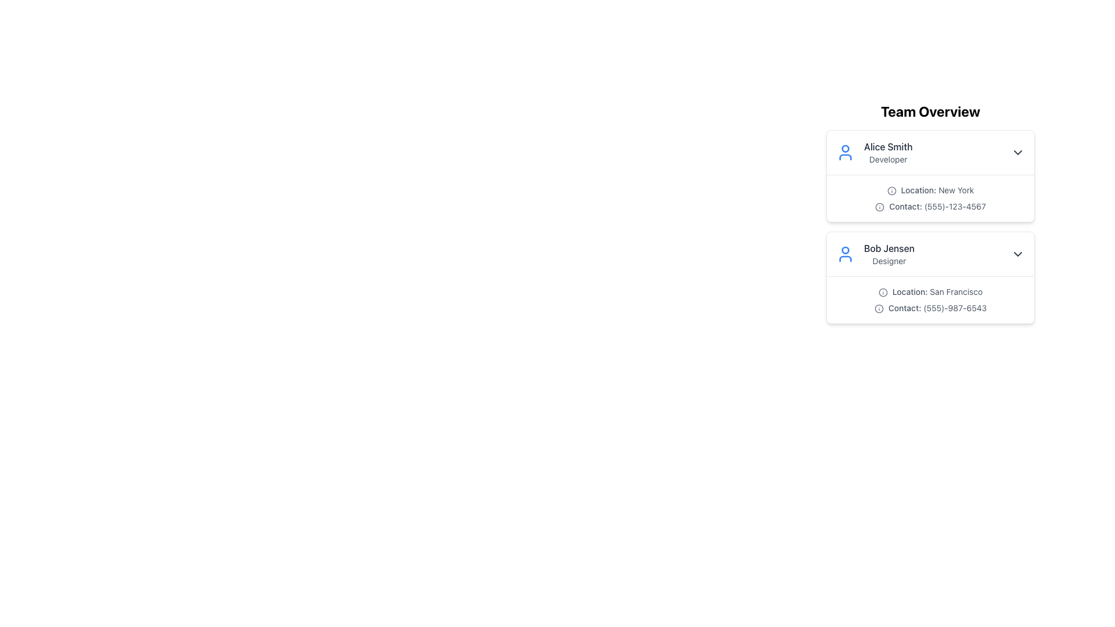 This screenshot has height=627, width=1115. Describe the element at coordinates (887, 152) in the screenshot. I see `the two-line text label displaying the name and job title of 'Alice Smith' in the team overview list` at that location.